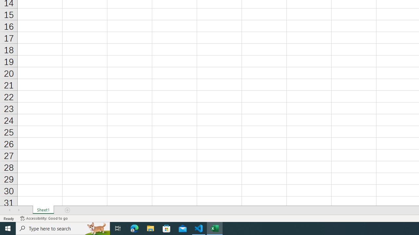 The image size is (419, 235). I want to click on 'Scroll Left', so click(9, 210).